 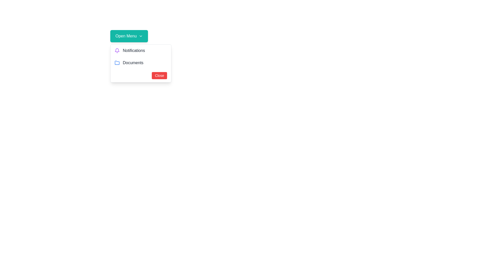 I want to click on the first item in the dropdown menu that serves as a navigational label related to notifications, which is located above the 'Documents' option and has a bell icon to its left, so click(x=134, y=51).